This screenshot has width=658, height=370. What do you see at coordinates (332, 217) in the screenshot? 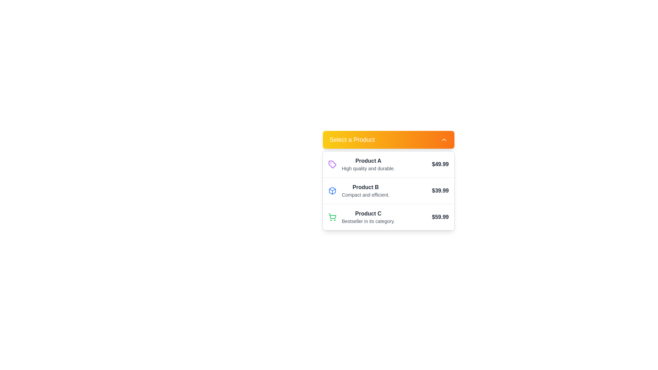
I see `the shopping cart icon located adjacent to 'Product C' and to the left of the price label '$59.99' in the product list` at bounding box center [332, 217].